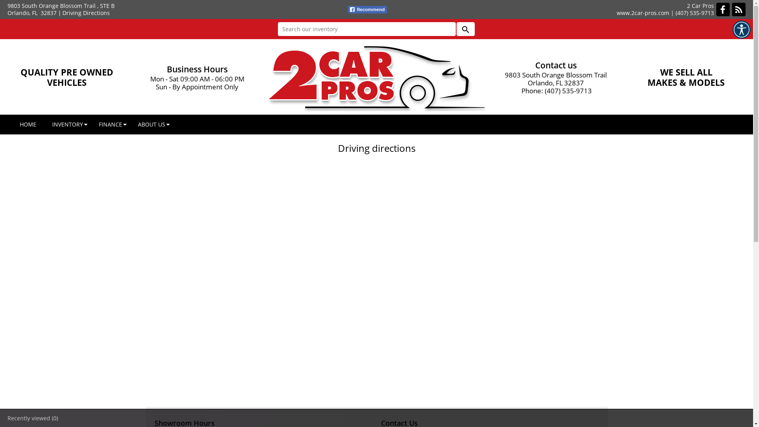 The image size is (759, 427). What do you see at coordinates (643, 13) in the screenshot?
I see `'www.2car-pros.com'` at bounding box center [643, 13].